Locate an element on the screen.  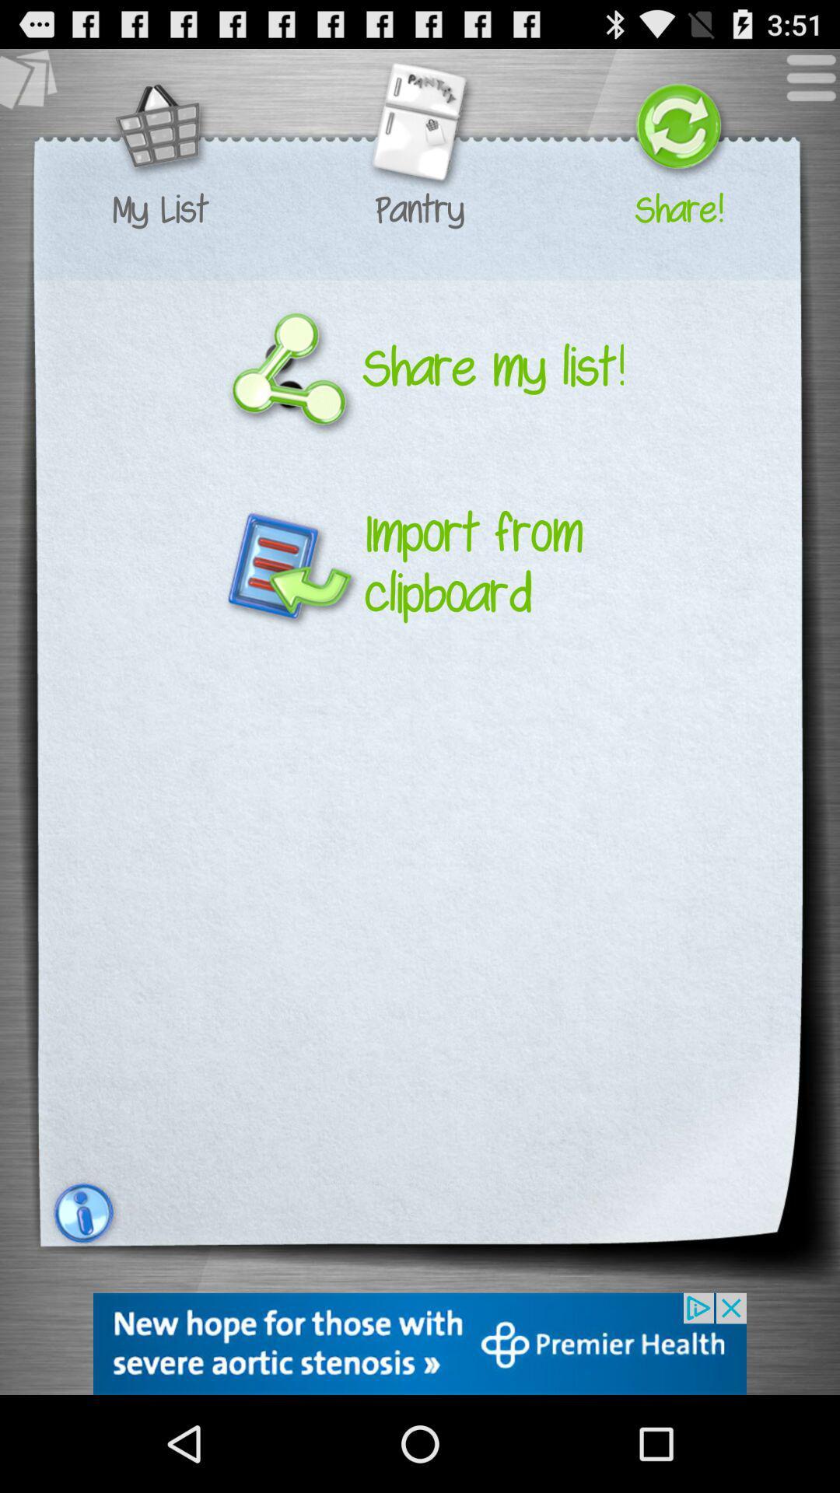
the info icon which is on the left side to the corner is located at coordinates (81, 1212).